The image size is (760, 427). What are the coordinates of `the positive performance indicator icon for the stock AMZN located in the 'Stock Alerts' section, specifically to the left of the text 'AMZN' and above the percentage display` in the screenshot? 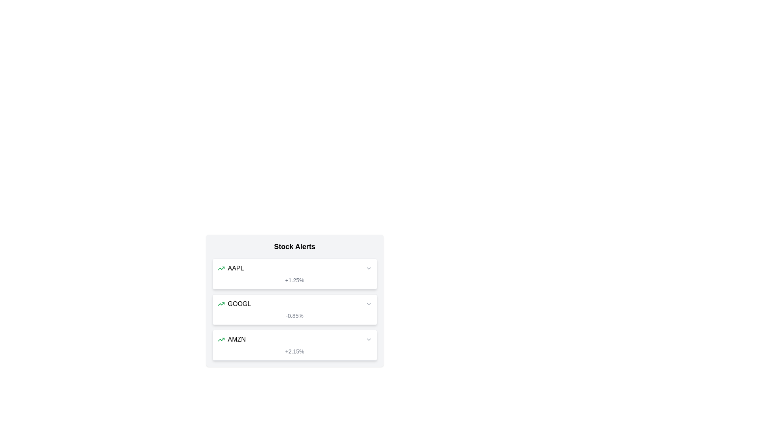 It's located at (221, 339).